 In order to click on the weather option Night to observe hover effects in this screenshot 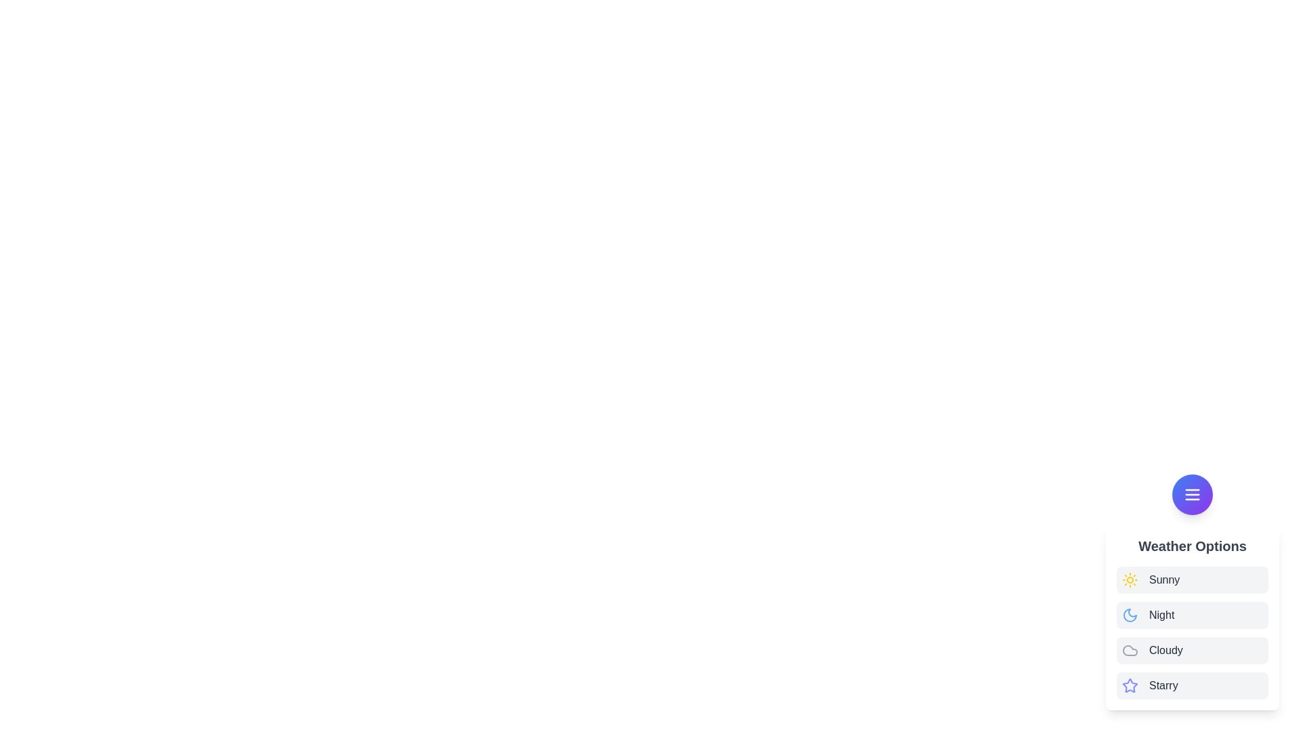, I will do `click(1193, 615)`.